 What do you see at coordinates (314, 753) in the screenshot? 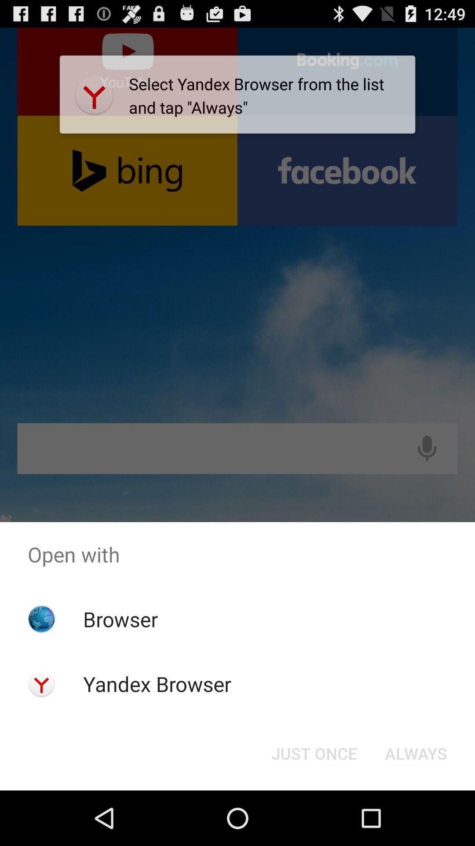
I see `the just once at the bottom` at bounding box center [314, 753].